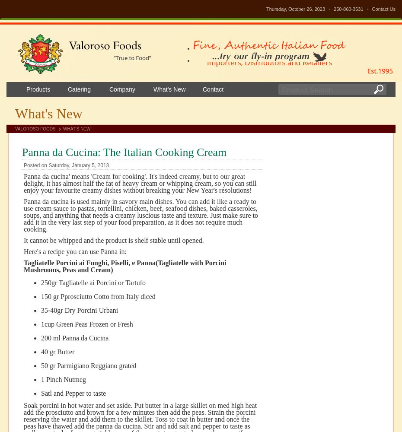 Image resolution: width=402 pixels, height=432 pixels. What do you see at coordinates (23, 204) in the screenshot?
I see `'anna da cucina is used mainly in savory main dishes. You can add it like a ready to use cream sauce to'` at bounding box center [23, 204].